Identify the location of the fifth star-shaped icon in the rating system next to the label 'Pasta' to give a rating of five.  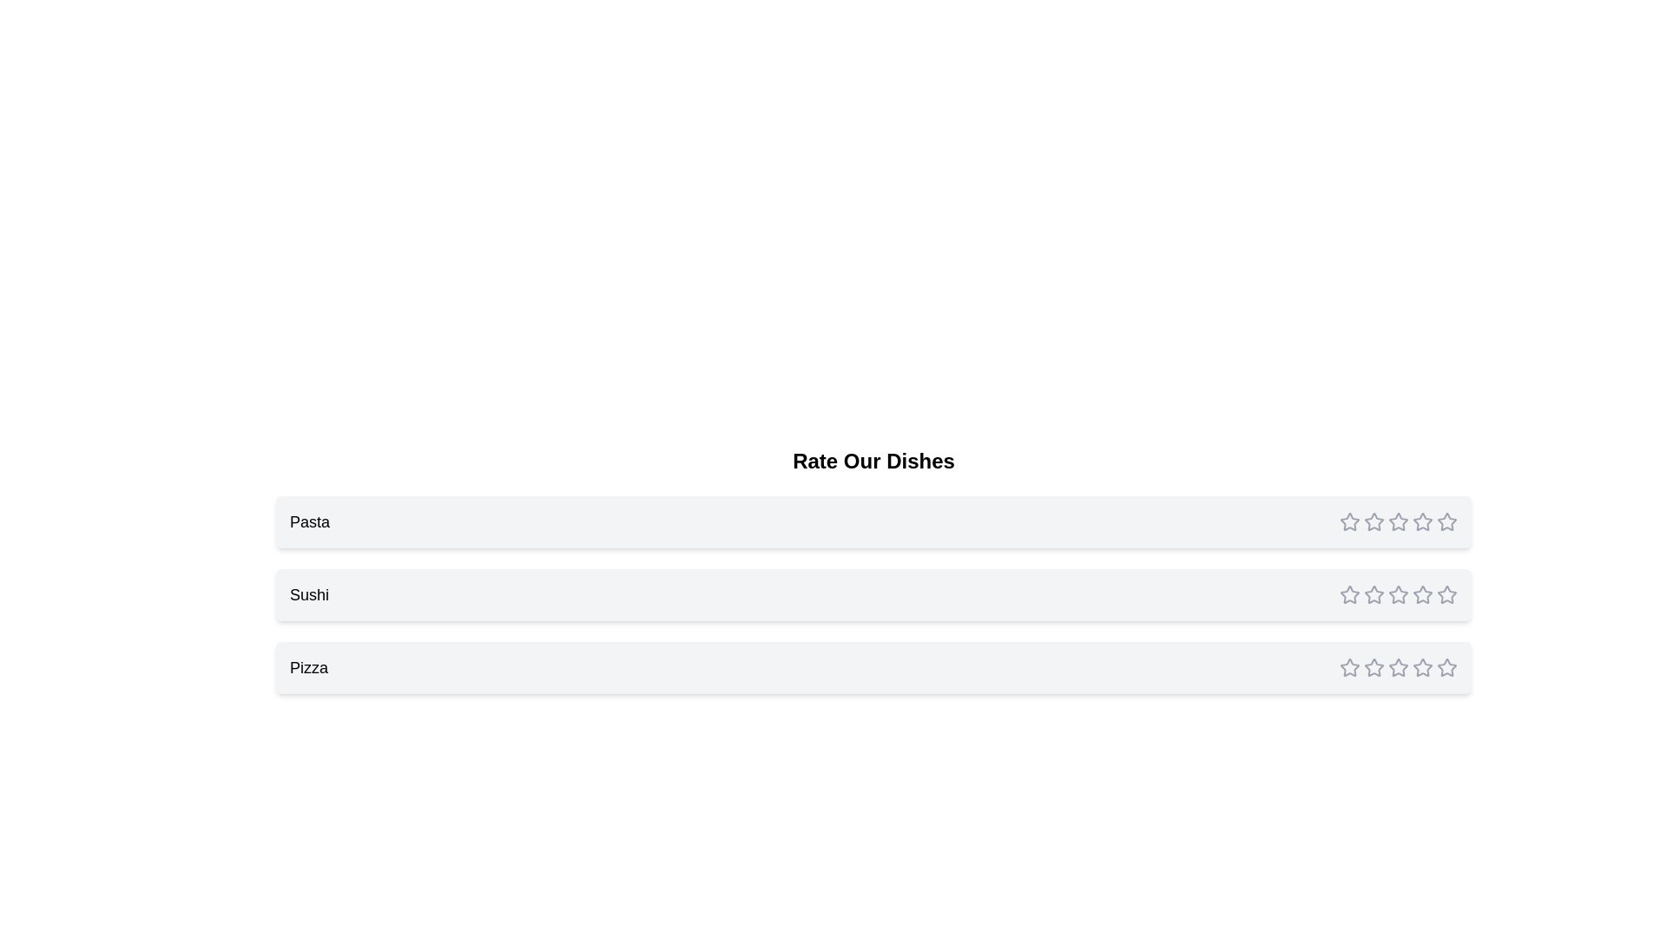
(1446, 521).